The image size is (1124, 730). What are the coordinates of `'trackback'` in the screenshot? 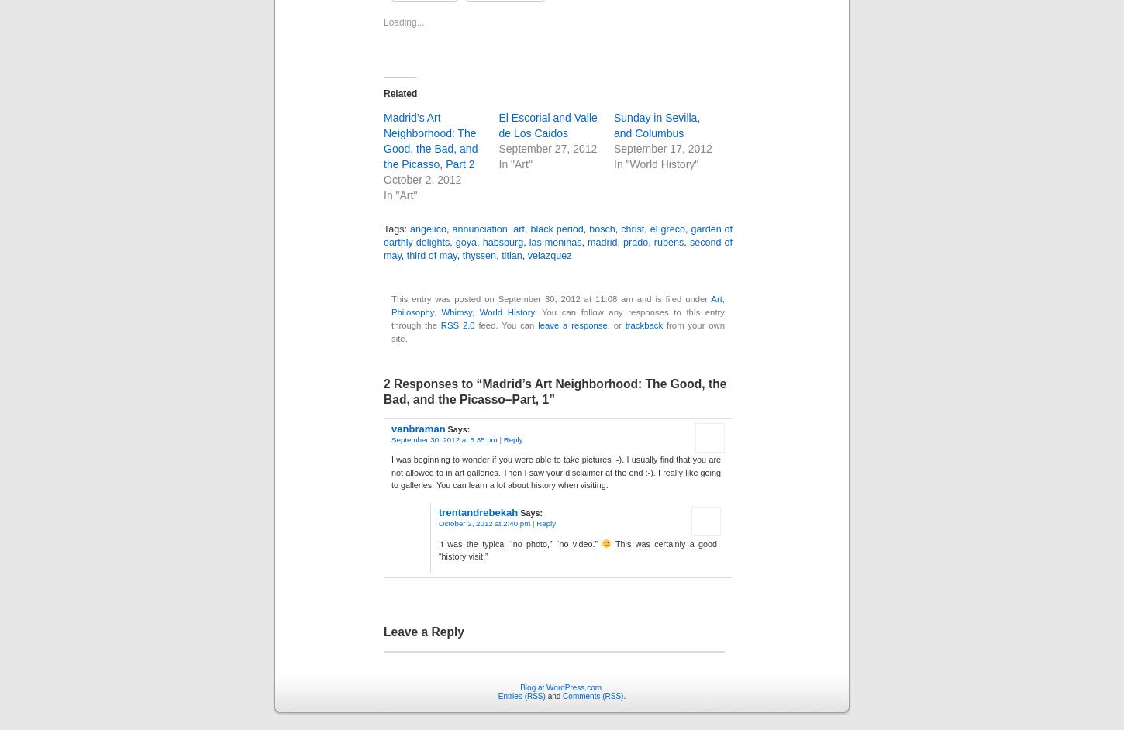 It's located at (625, 322).